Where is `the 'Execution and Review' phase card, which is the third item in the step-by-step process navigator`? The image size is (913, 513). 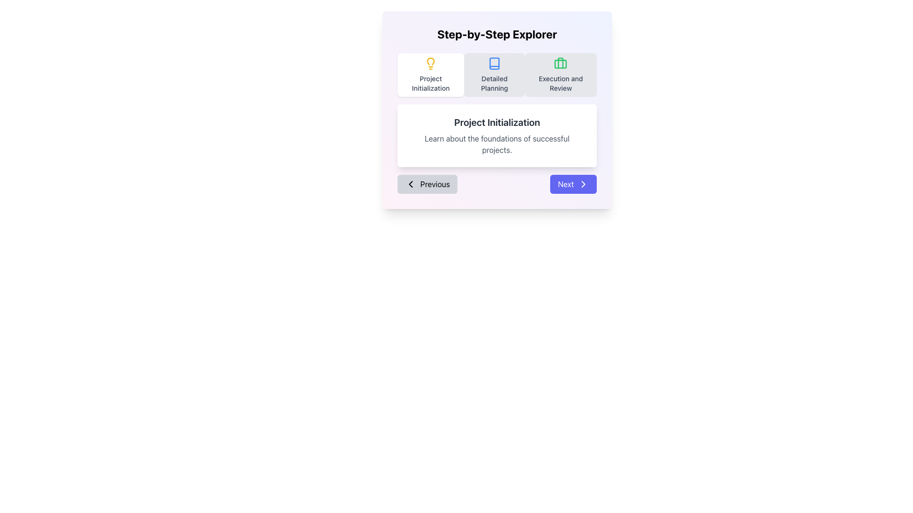 the 'Execution and Review' phase card, which is the third item in the step-by-step process navigator is located at coordinates (561, 75).